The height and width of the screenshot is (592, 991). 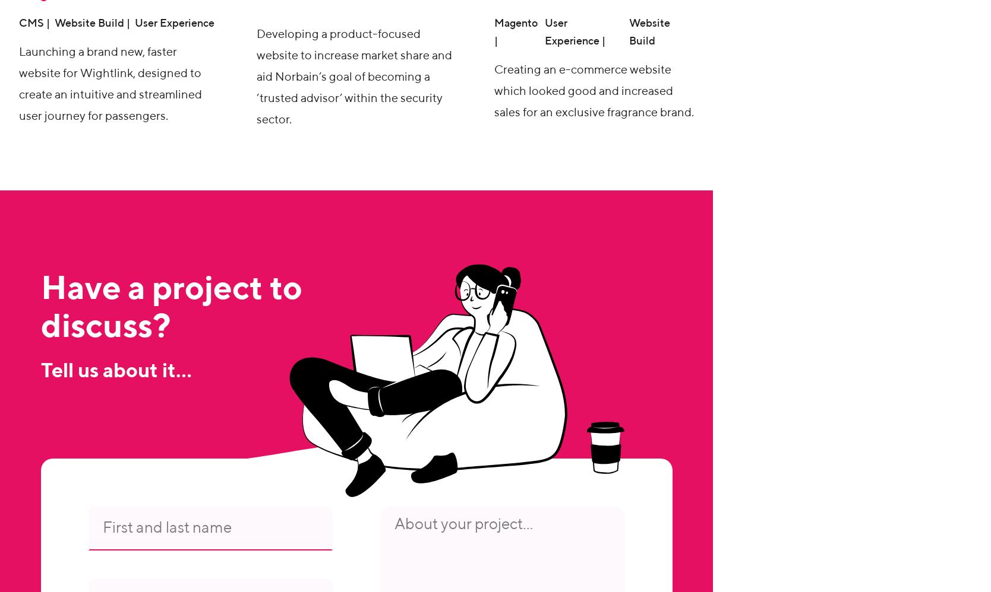 I want to click on 'CMS', so click(x=31, y=24).